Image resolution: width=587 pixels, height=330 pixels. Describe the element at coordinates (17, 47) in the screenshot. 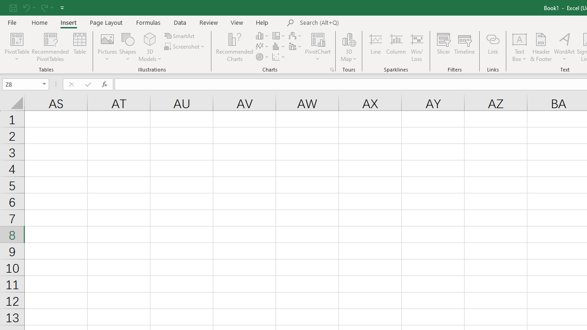

I see `'PivotTable'` at that location.